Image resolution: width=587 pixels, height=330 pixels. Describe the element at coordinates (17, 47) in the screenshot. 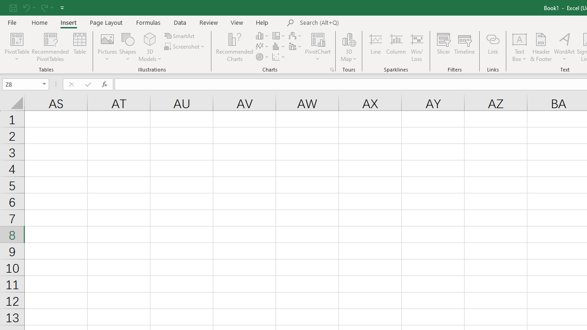

I see `'PivotTable'` at that location.